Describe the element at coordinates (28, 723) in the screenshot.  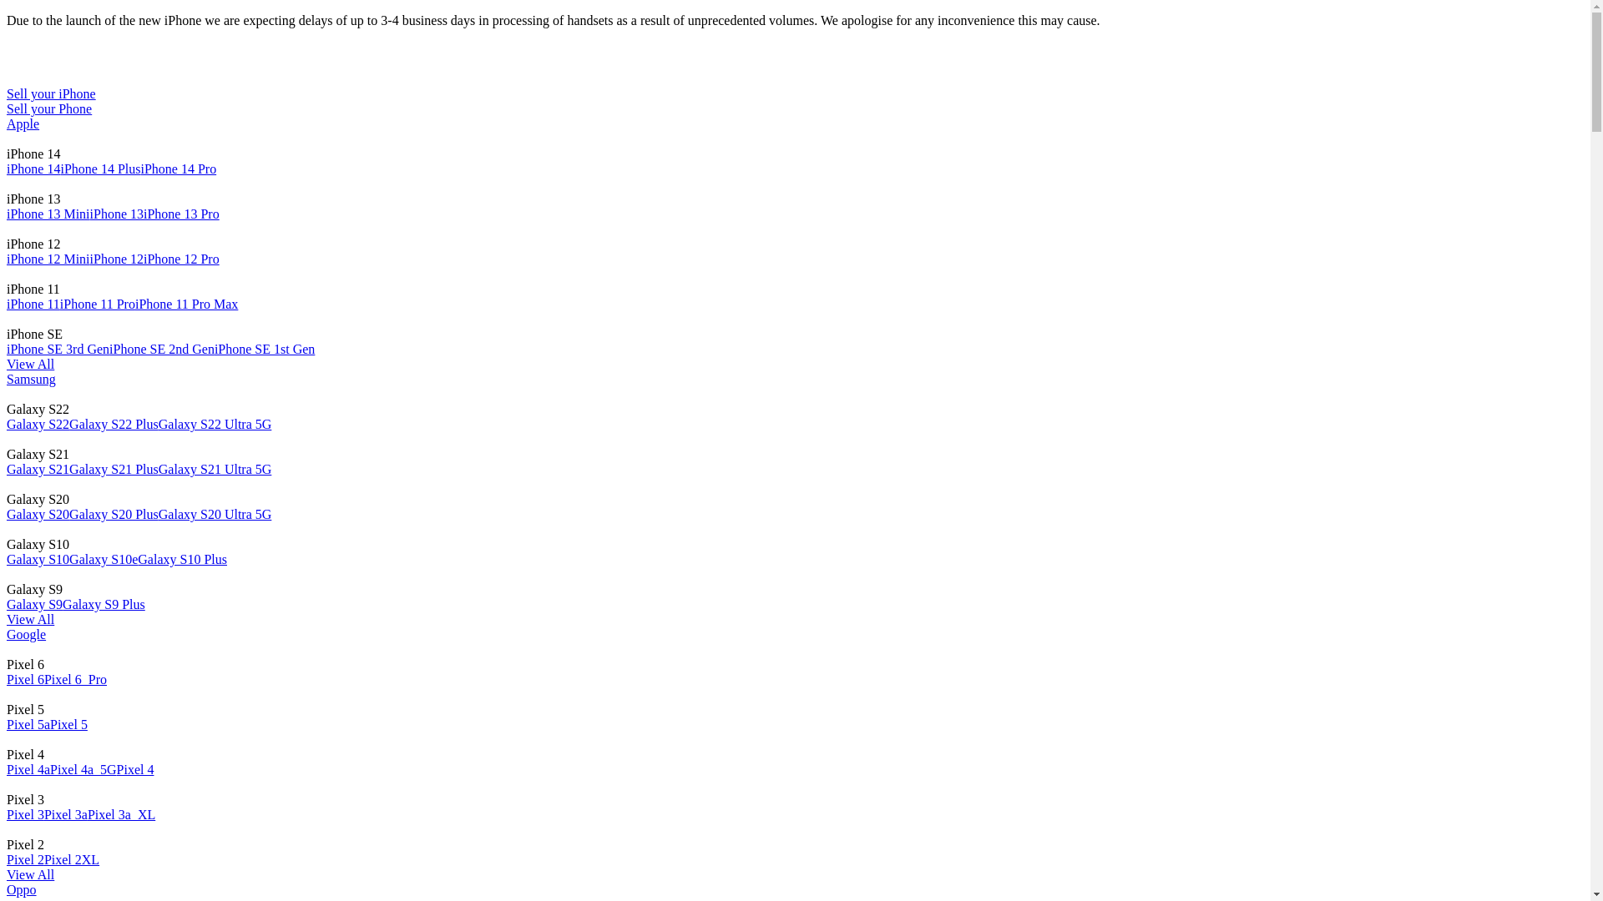
I see `'Pixel 5a'` at that location.